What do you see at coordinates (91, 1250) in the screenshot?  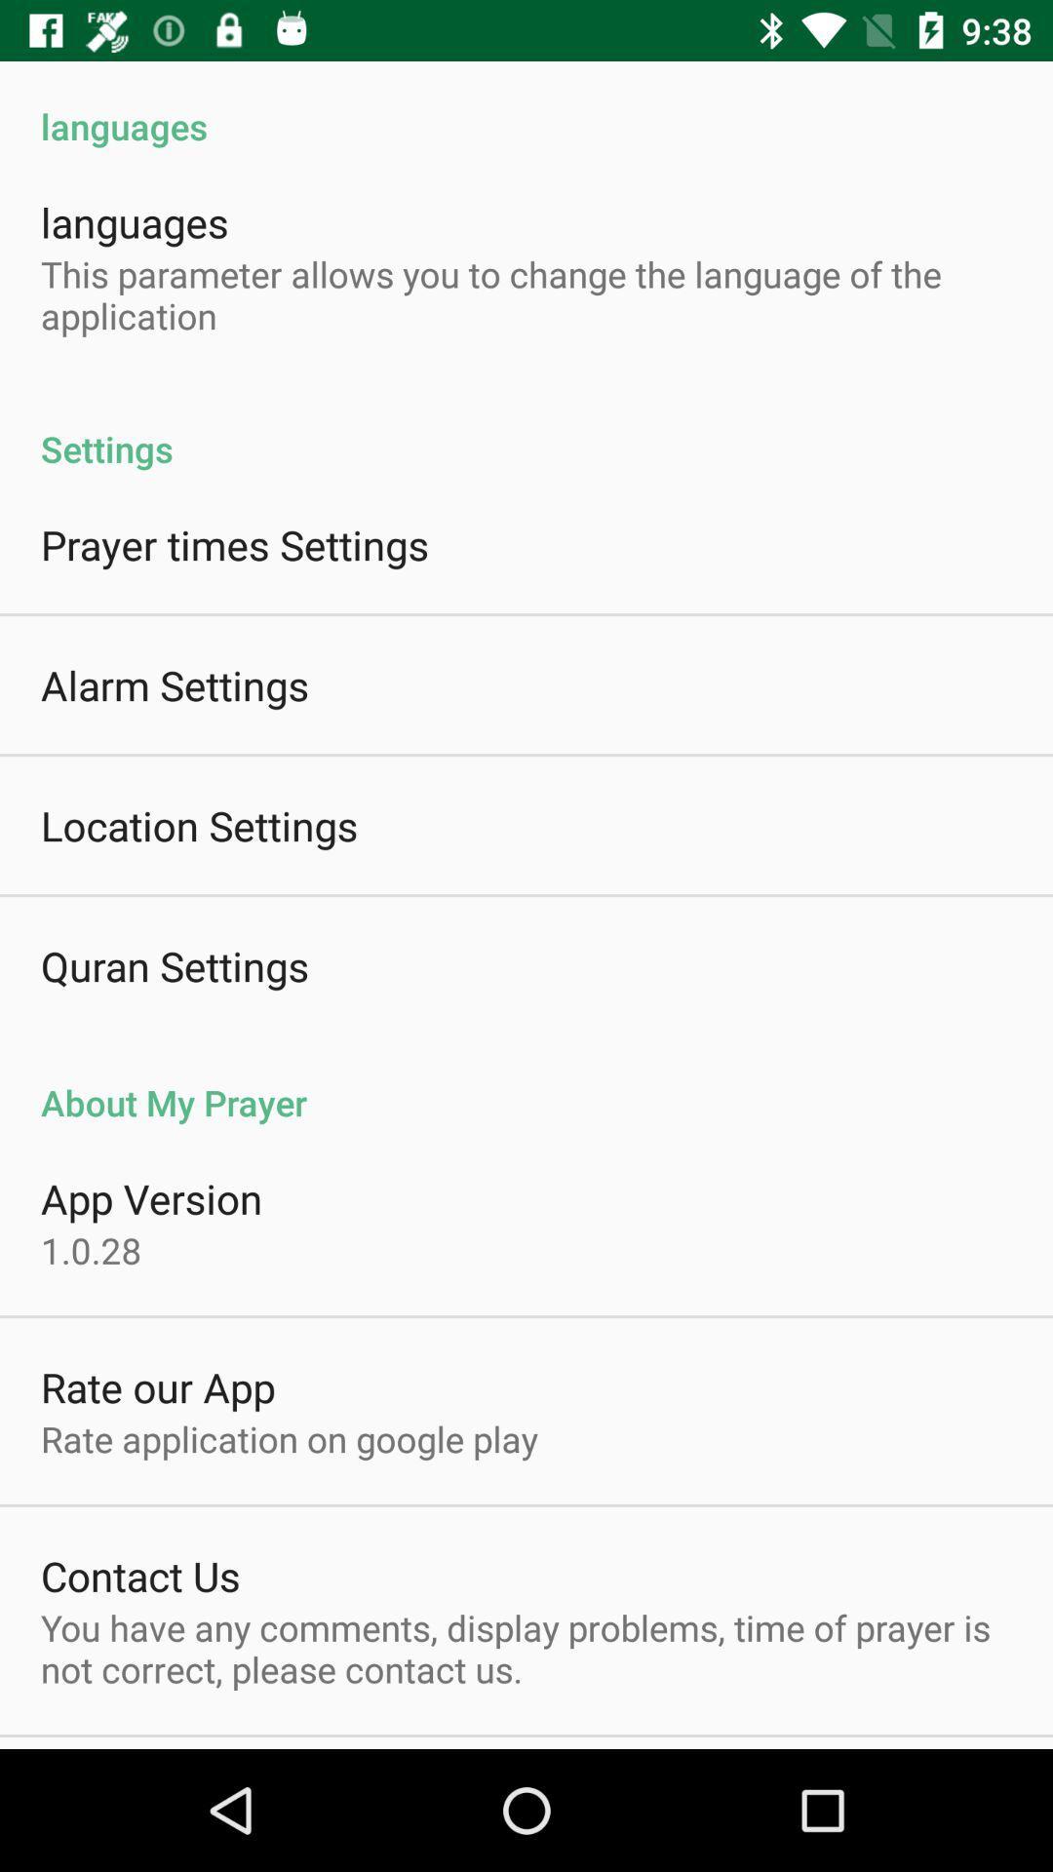 I see `1.0.28 app` at bounding box center [91, 1250].